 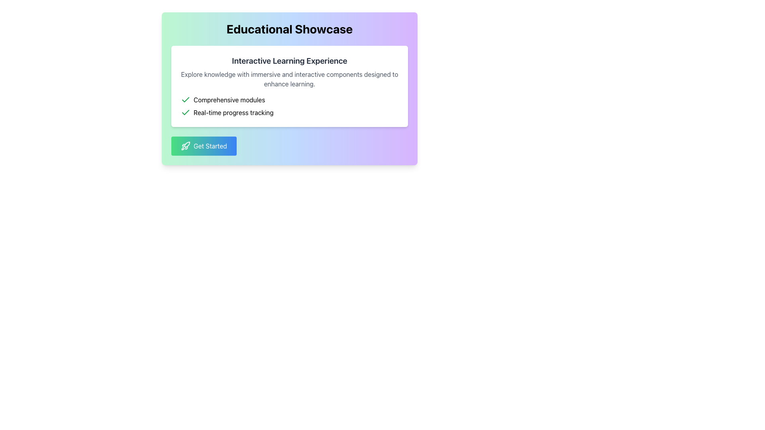 What do you see at coordinates (210, 146) in the screenshot?
I see `the static text label within the button located at the bottom of the main card interface` at bounding box center [210, 146].